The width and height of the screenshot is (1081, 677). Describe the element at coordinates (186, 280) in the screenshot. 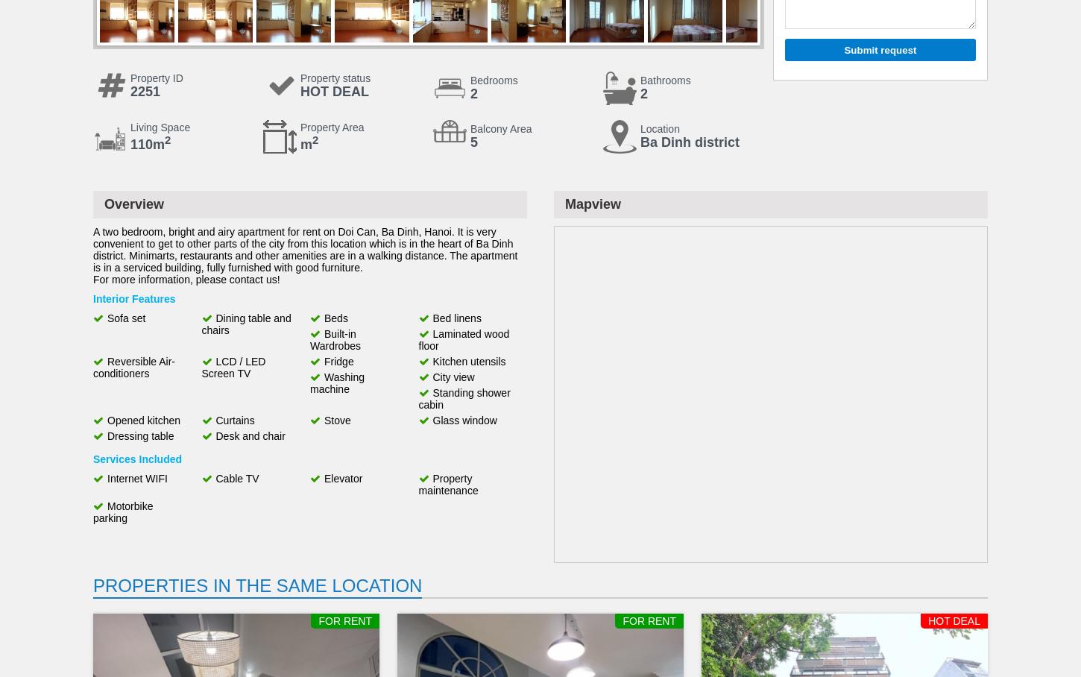

I see `'For more information, please contact us!'` at that location.